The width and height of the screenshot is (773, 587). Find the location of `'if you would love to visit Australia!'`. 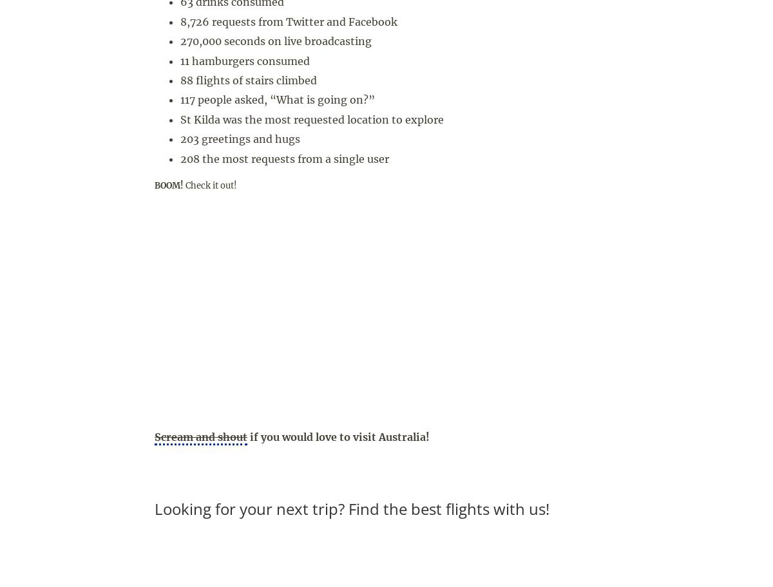

'if you would love to visit Australia!' is located at coordinates (338, 436).